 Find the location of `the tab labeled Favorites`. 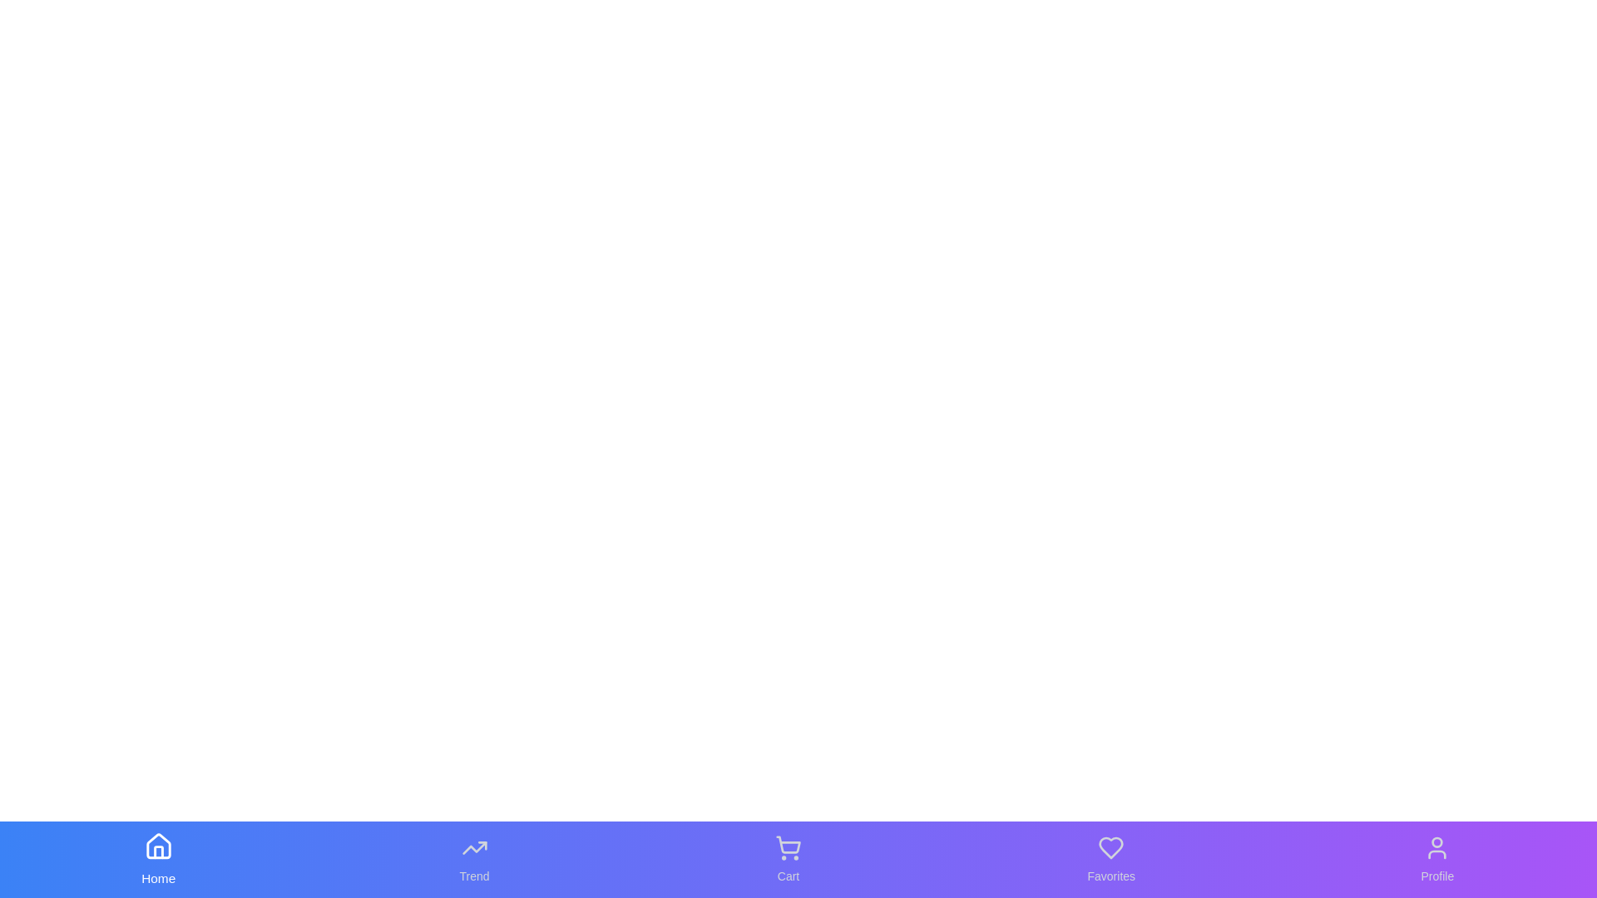

the tab labeled Favorites is located at coordinates (1110, 859).